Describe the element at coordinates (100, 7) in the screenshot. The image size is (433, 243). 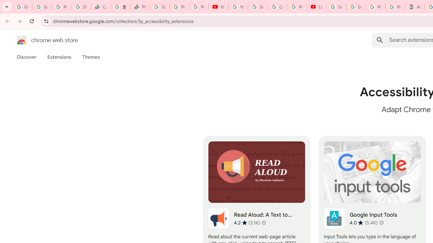
I see `'Currencies - Google Finance'` at that location.